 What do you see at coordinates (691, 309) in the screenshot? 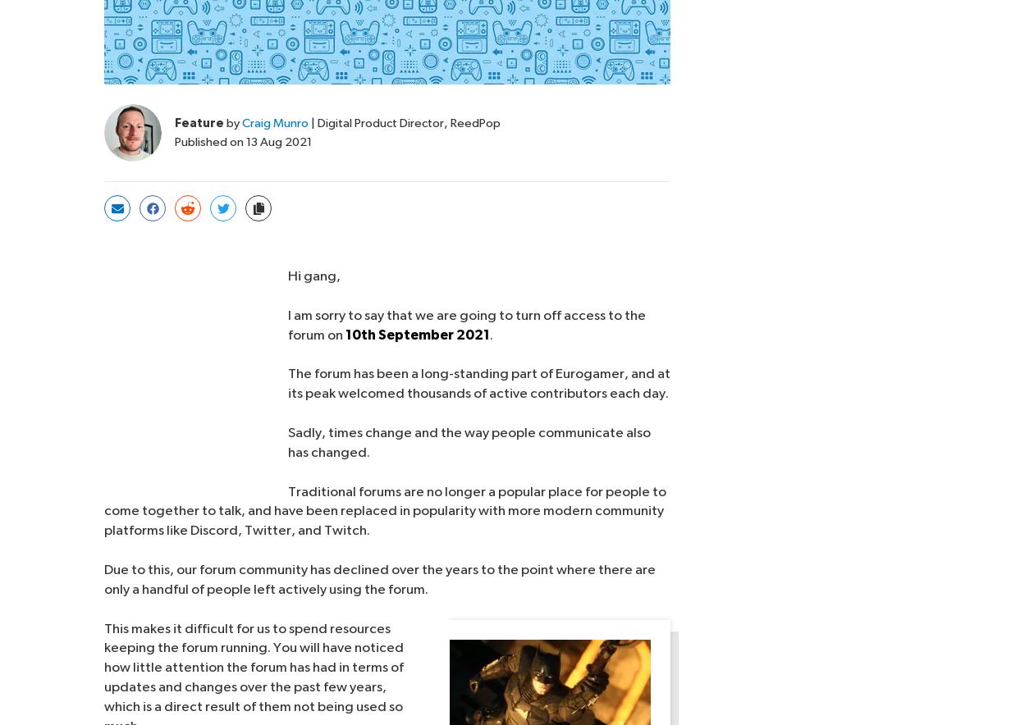
I see `'Supporters |'` at bounding box center [691, 309].